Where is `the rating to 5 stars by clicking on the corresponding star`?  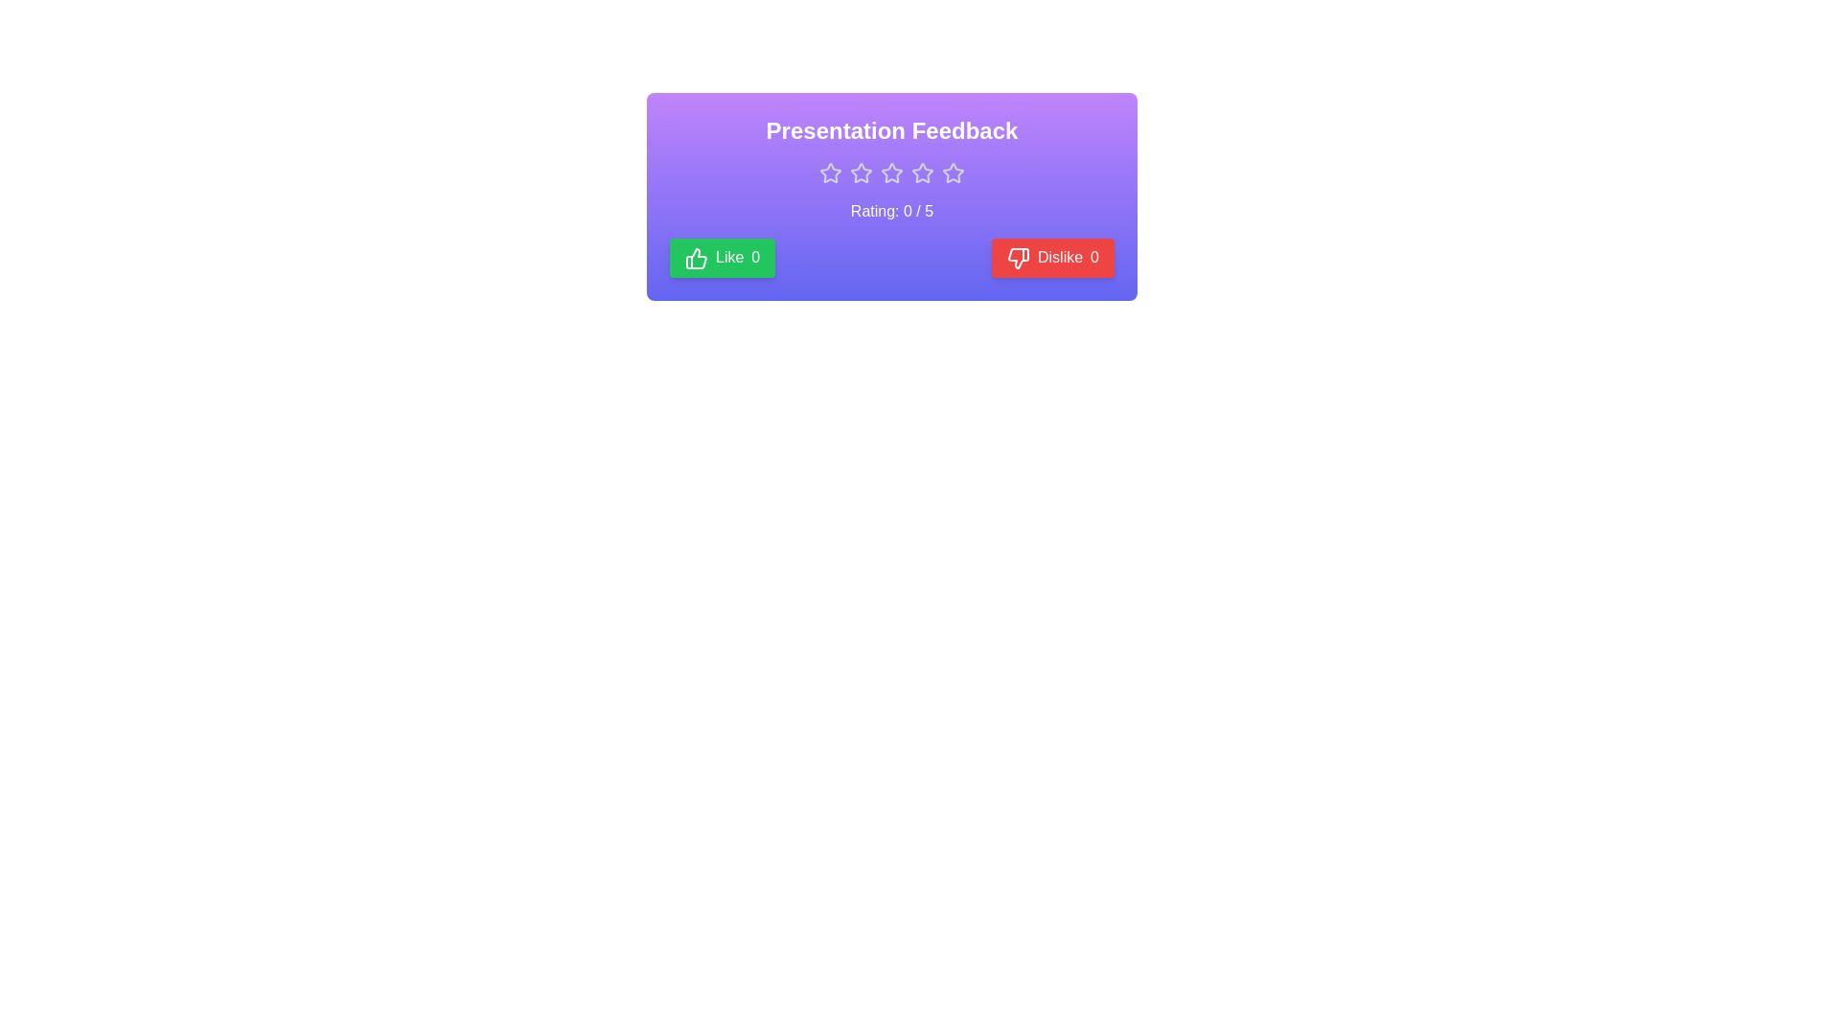
the rating to 5 stars by clicking on the corresponding star is located at coordinates (953, 173).